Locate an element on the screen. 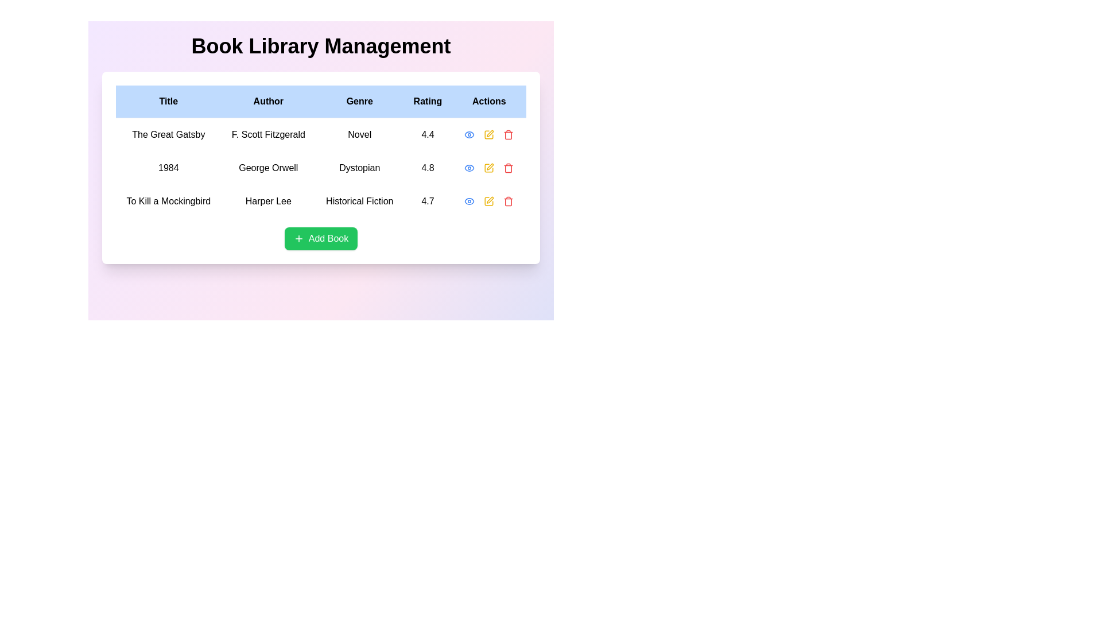 The image size is (1102, 620). the text 'The Great Gatsby' in the Static text label element located in the 'Title' column of the table layout to copy it is located at coordinates (168, 134).